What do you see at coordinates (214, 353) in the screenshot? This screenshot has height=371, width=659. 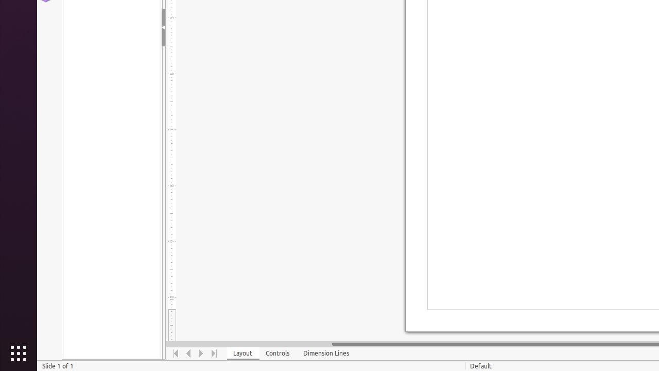 I see `'Move To End'` at bounding box center [214, 353].